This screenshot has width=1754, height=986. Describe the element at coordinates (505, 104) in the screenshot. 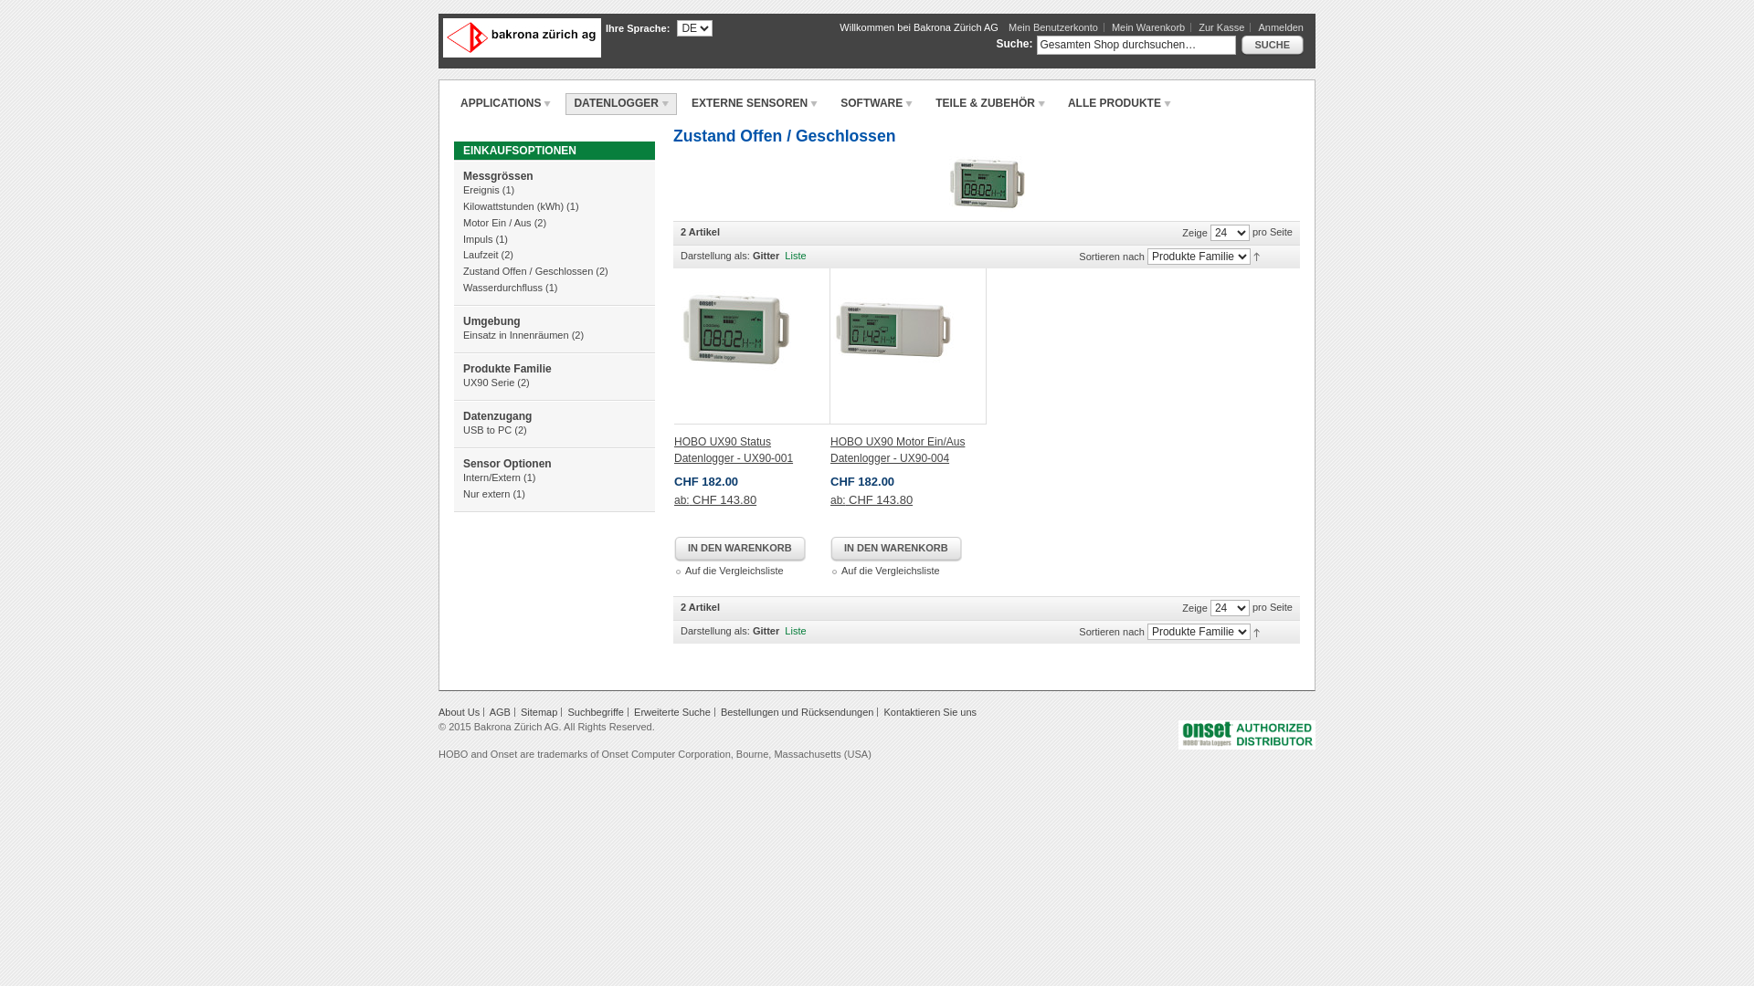

I see `'APPLICATIONS'` at that location.